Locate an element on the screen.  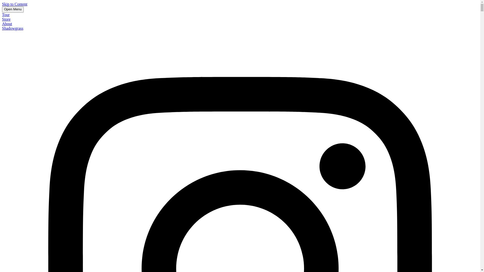
'Tour' is located at coordinates (2, 14).